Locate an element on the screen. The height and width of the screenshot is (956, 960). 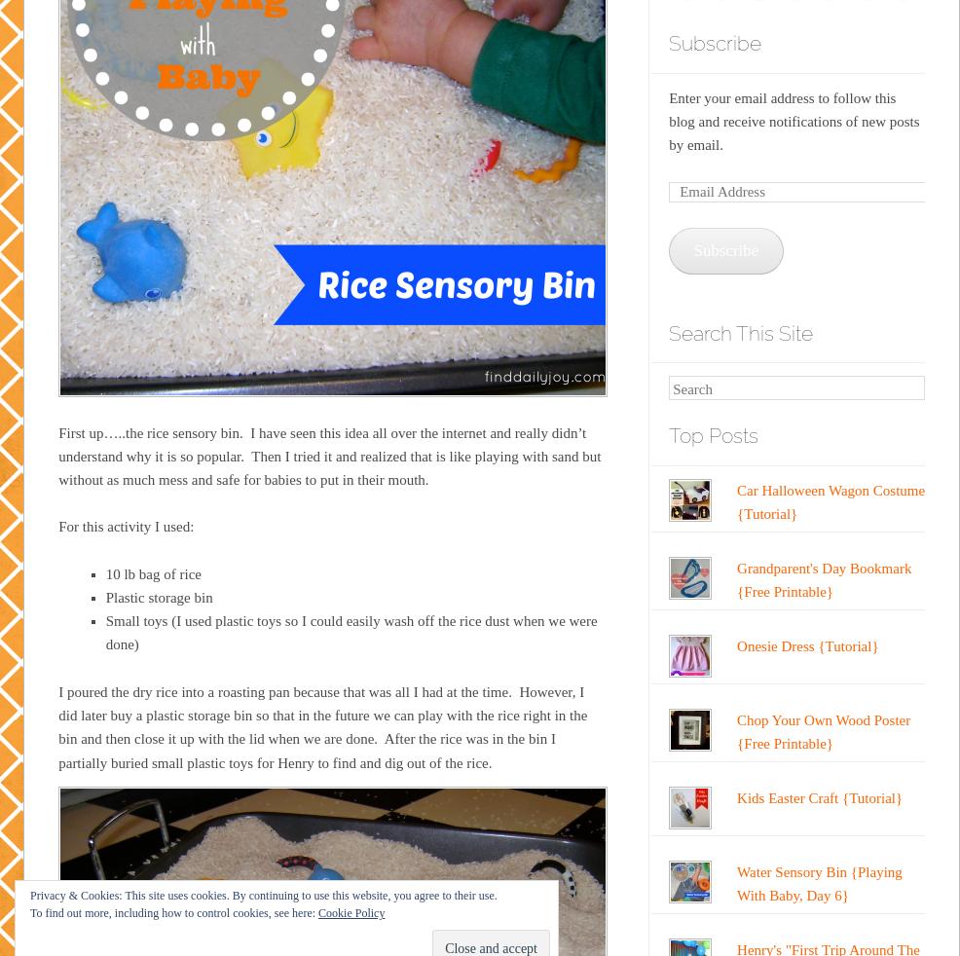
'Plastic storage bin' is located at coordinates (158, 597).